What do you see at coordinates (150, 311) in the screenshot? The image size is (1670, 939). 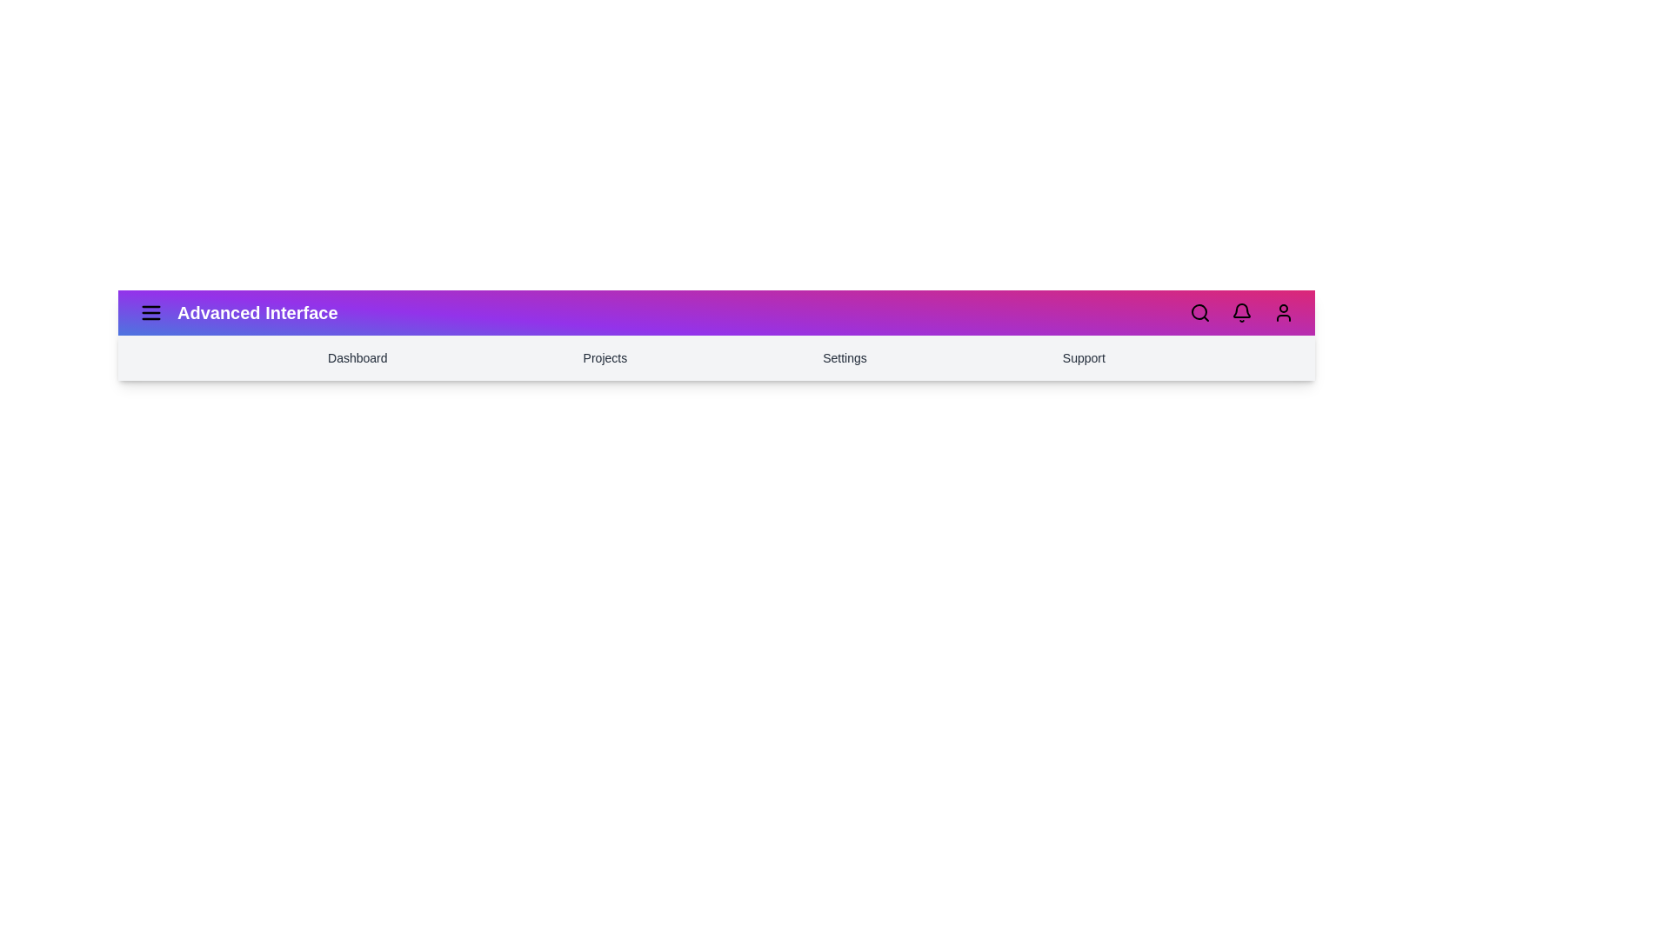 I see `the menu icon to toggle the menu visibility` at bounding box center [150, 311].